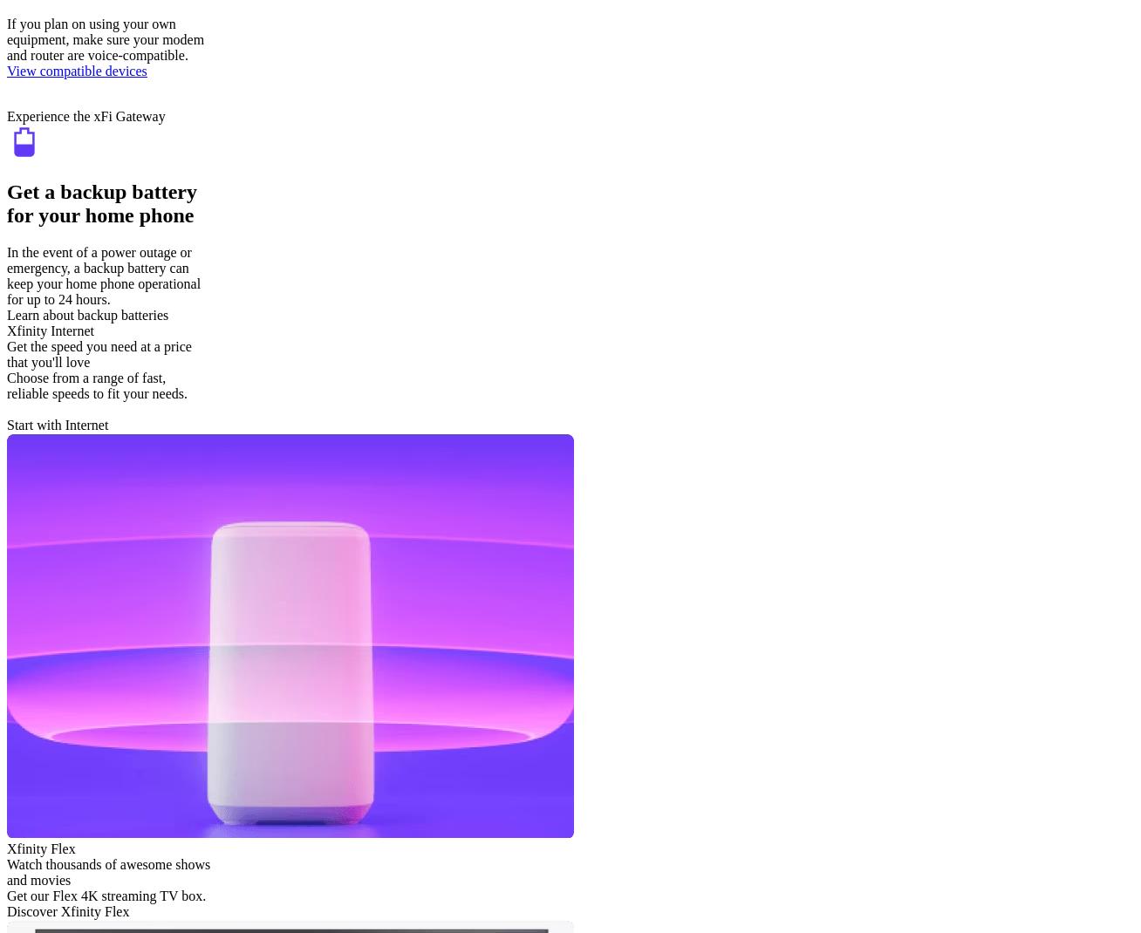 The width and height of the screenshot is (1141, 933). What do you see at coordinates (107, 871) in the screenshot?
I see `'Watch thousands of awesome shows and movies'` at bounding box center [107, 871].